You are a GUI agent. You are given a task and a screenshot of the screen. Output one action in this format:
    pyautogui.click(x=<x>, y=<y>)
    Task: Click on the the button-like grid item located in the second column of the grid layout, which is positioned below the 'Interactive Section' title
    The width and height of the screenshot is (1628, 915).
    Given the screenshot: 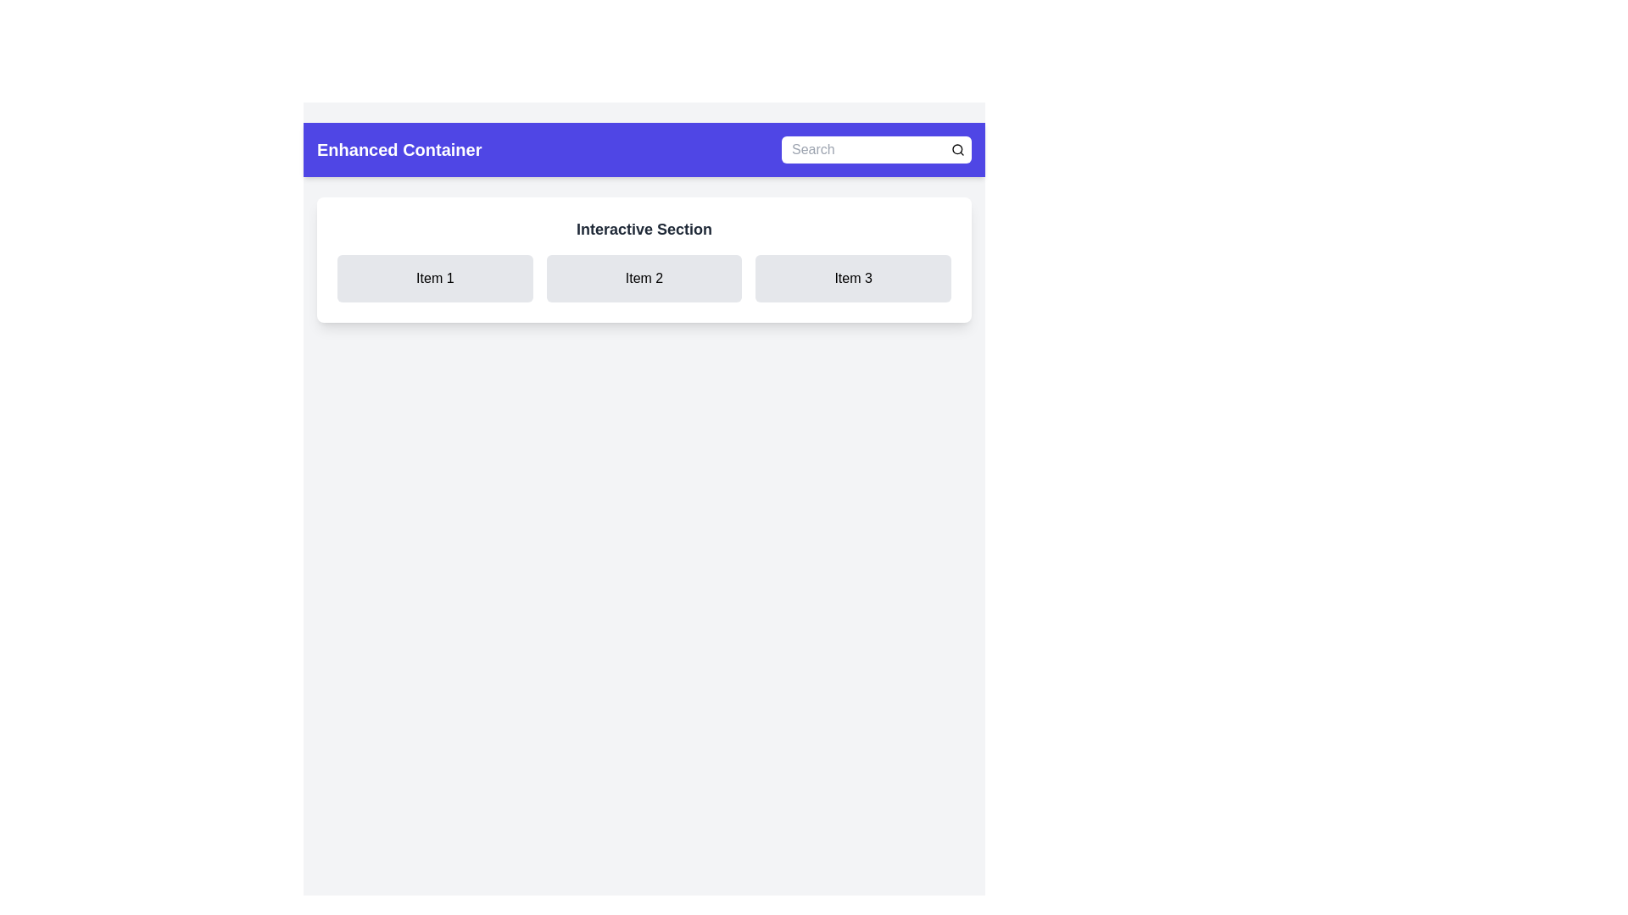 What is the action you would take?
    pyautogui.click(x=643, y=277)
    